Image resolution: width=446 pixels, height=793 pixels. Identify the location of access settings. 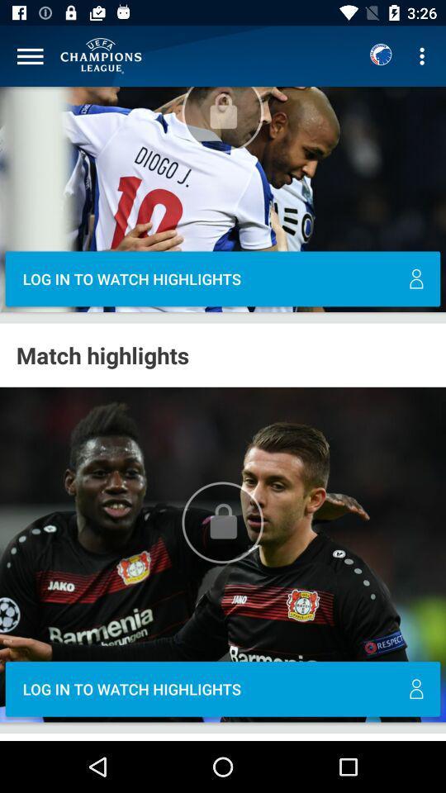
(30, 56).